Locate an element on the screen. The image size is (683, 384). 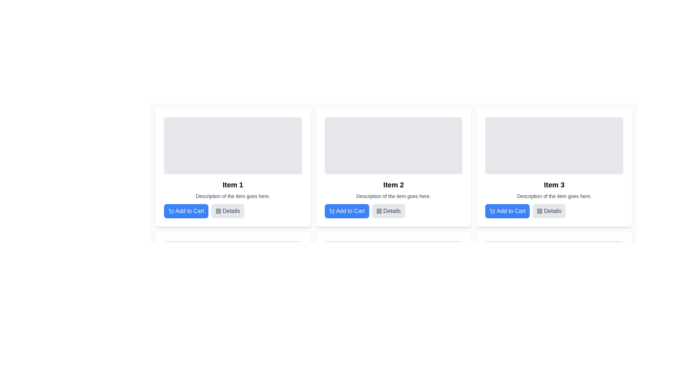
the rectangular image placeholder with a light gray background located inside the card labeled 'Item 3', positioned at the top area of the card is located at coordinates (554, 145).